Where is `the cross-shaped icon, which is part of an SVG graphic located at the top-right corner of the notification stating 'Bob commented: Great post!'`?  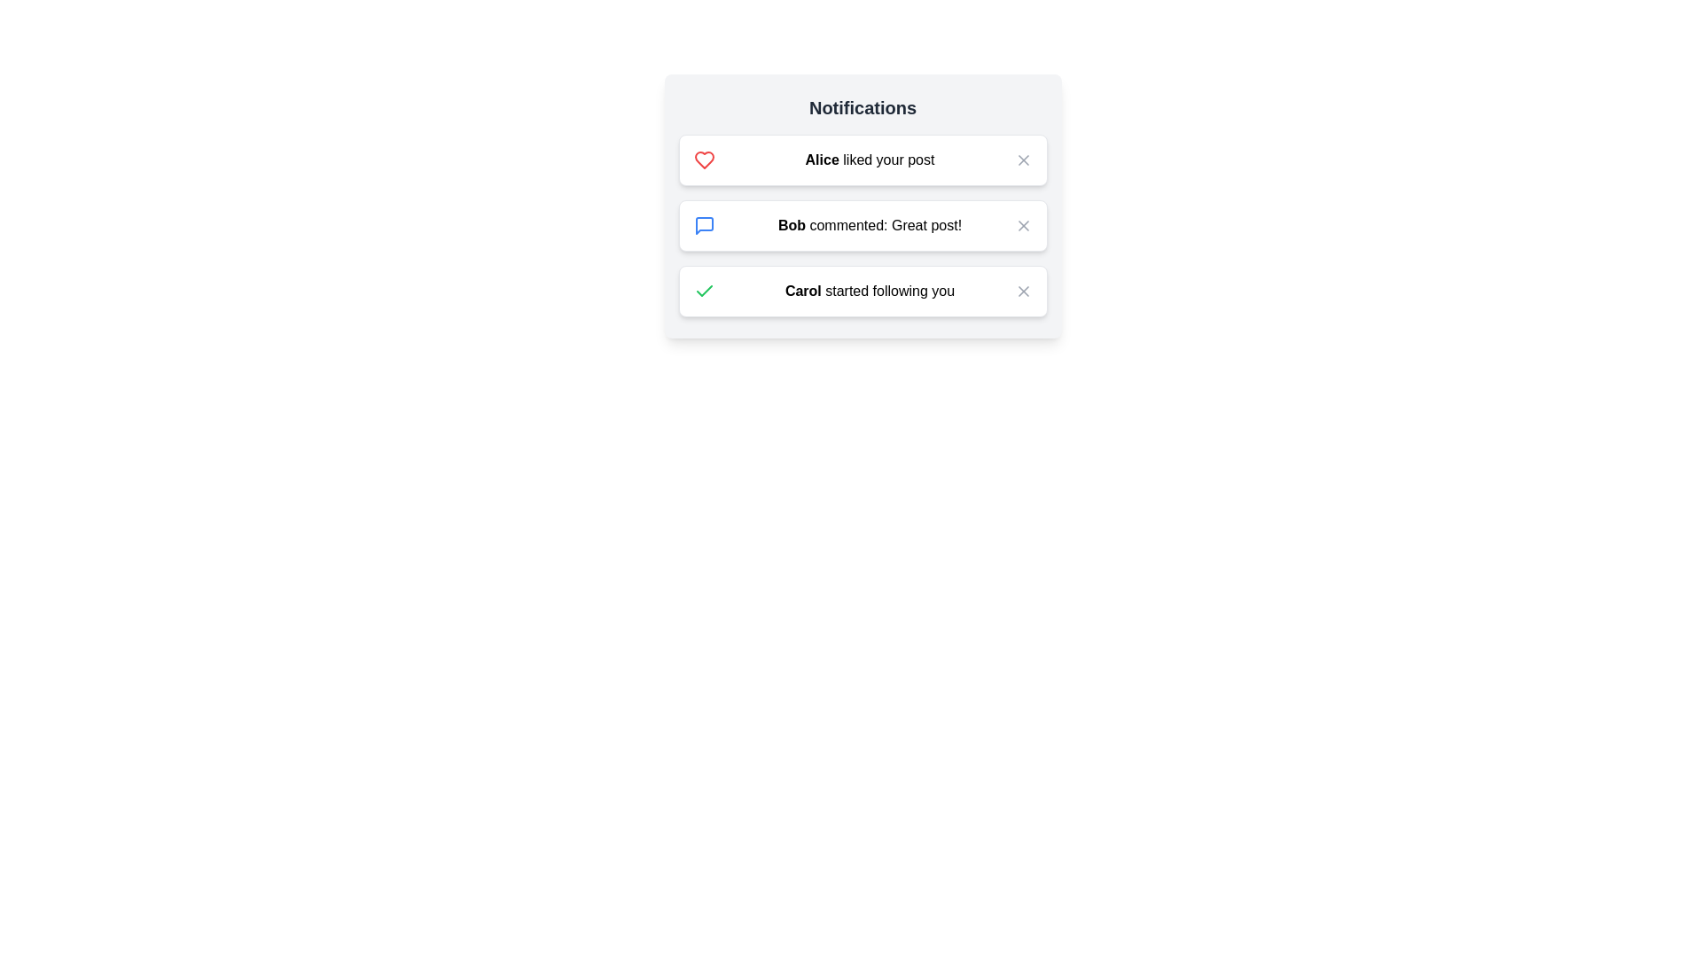 the cross-shaped icon, which is part of an SVG graphic located at the top-right corner of the notification stating 'Bob commented: Great post!' is located at coordinates (1023, 224).